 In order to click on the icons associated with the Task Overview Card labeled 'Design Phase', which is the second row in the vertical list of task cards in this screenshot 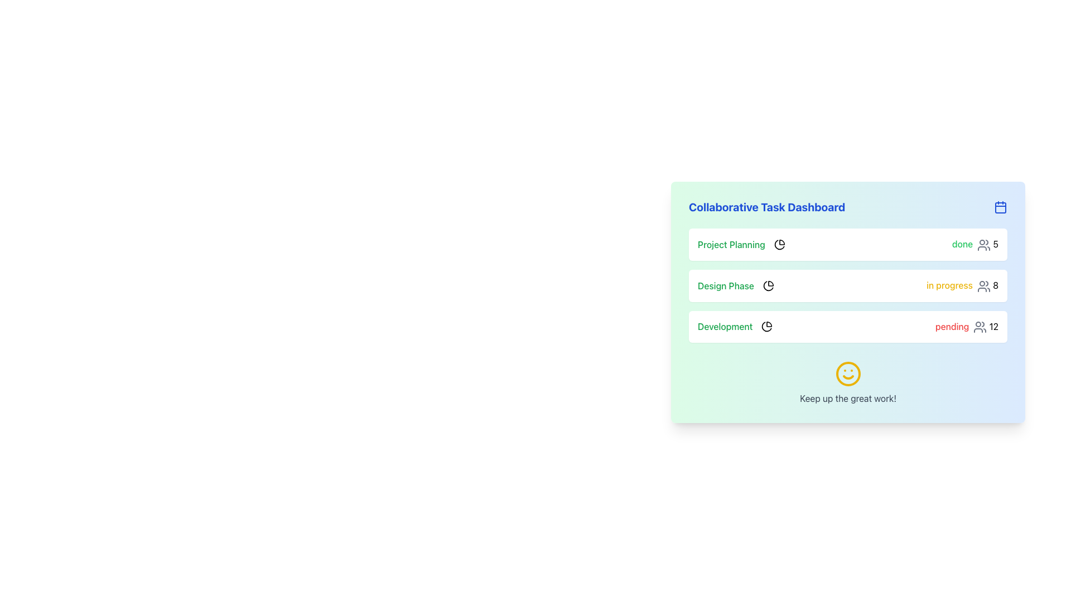, I will do `click(848, 285)`.